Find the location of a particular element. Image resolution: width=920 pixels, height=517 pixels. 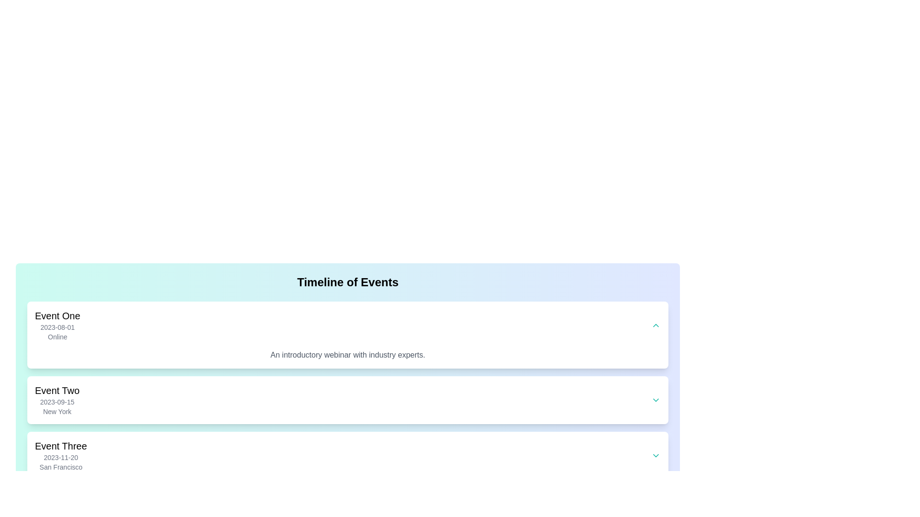

the static text label displaying the date '2023-08-01', which is styled in a smaller gray font and positioned below the title 'Event One' in the event card layout is located at coordinates (57, 326).